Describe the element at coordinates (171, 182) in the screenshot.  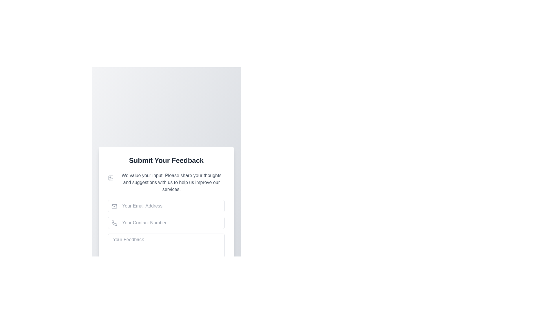
I see `the Informational Text Block that is styled in gray and located below the 'Submit Your Feedback' header, which contains the text: 'We value your input. Please share your thoughts and suggestions with us to help us improve our services.'` at that location.